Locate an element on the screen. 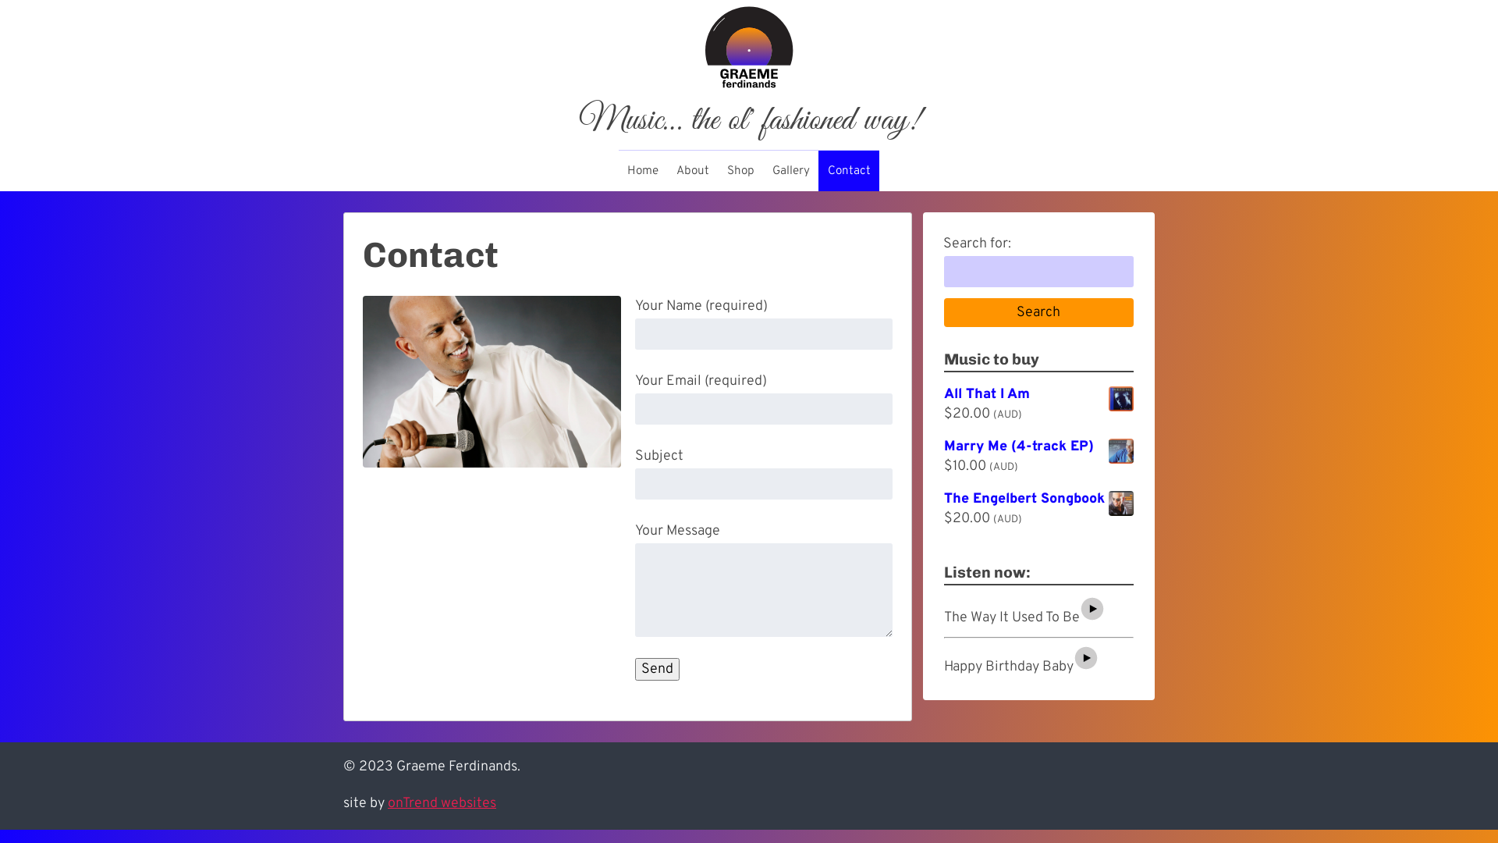 This screenshot has width=1498, height=843. 'Marry Me (4-track EP)' is located at coordinates (1038, 447).